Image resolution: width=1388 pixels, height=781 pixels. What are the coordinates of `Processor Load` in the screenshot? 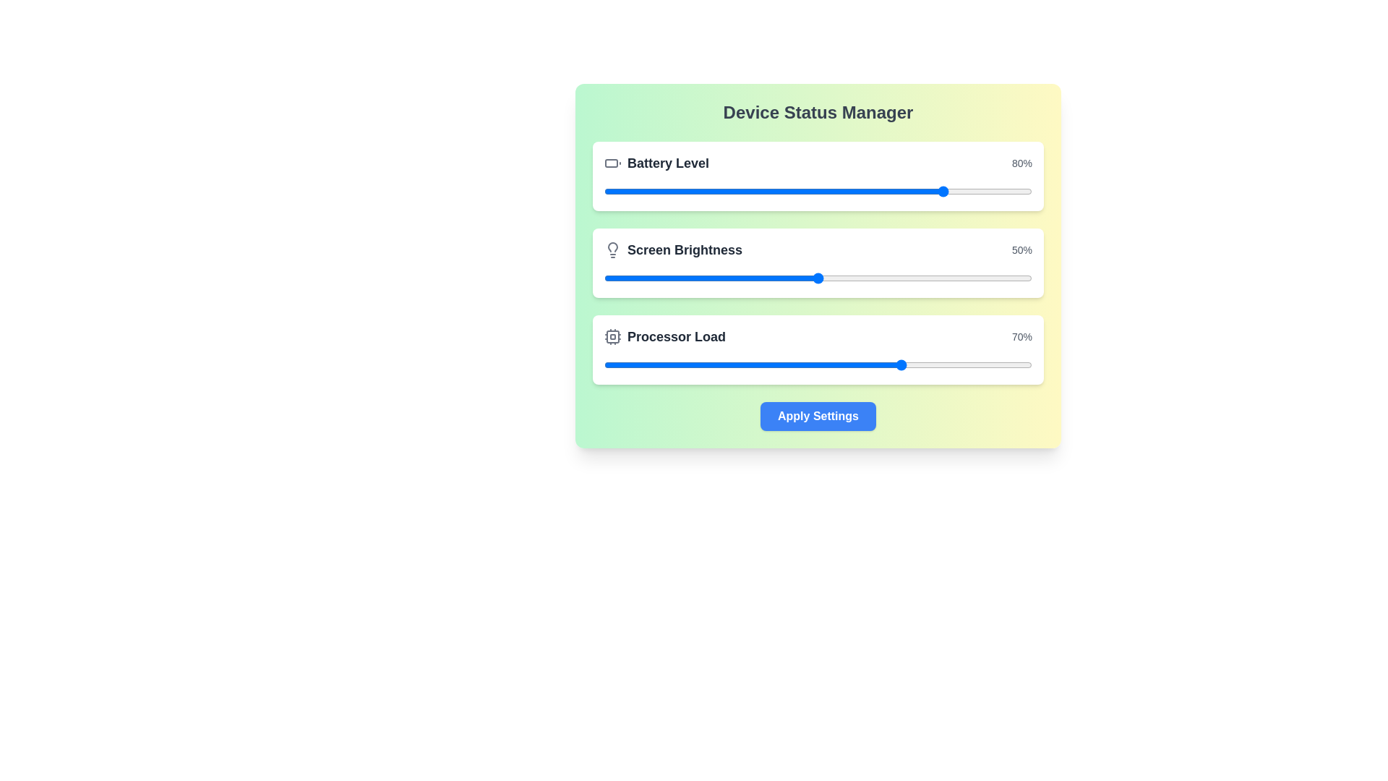 It's located at (651, 364).